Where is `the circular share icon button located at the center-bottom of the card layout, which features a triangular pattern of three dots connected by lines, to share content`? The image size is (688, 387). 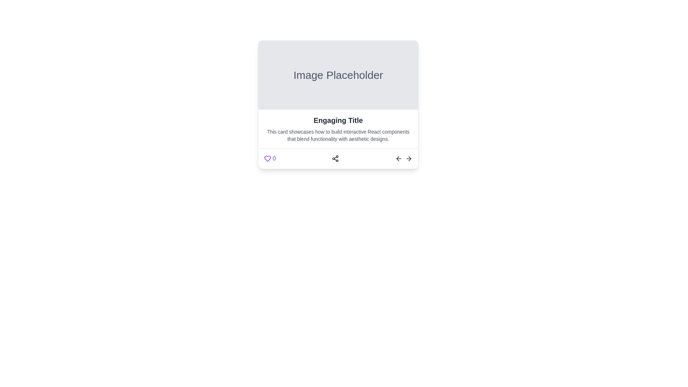 the circular share icon button located at the center-bottom of the card layout, which features a triangular pattern of three dots connected by lines, to share content is located at coordinates (335, 158).